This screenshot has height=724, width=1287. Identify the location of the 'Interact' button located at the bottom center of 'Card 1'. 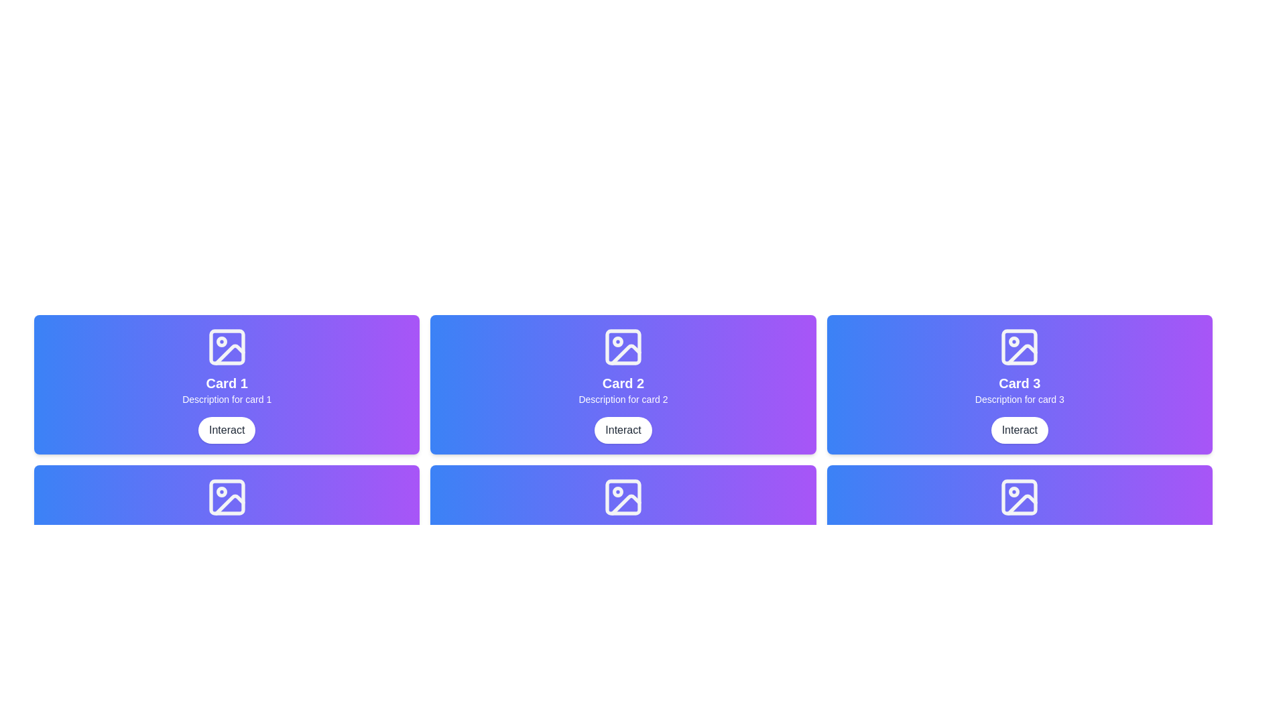
(227, 430).